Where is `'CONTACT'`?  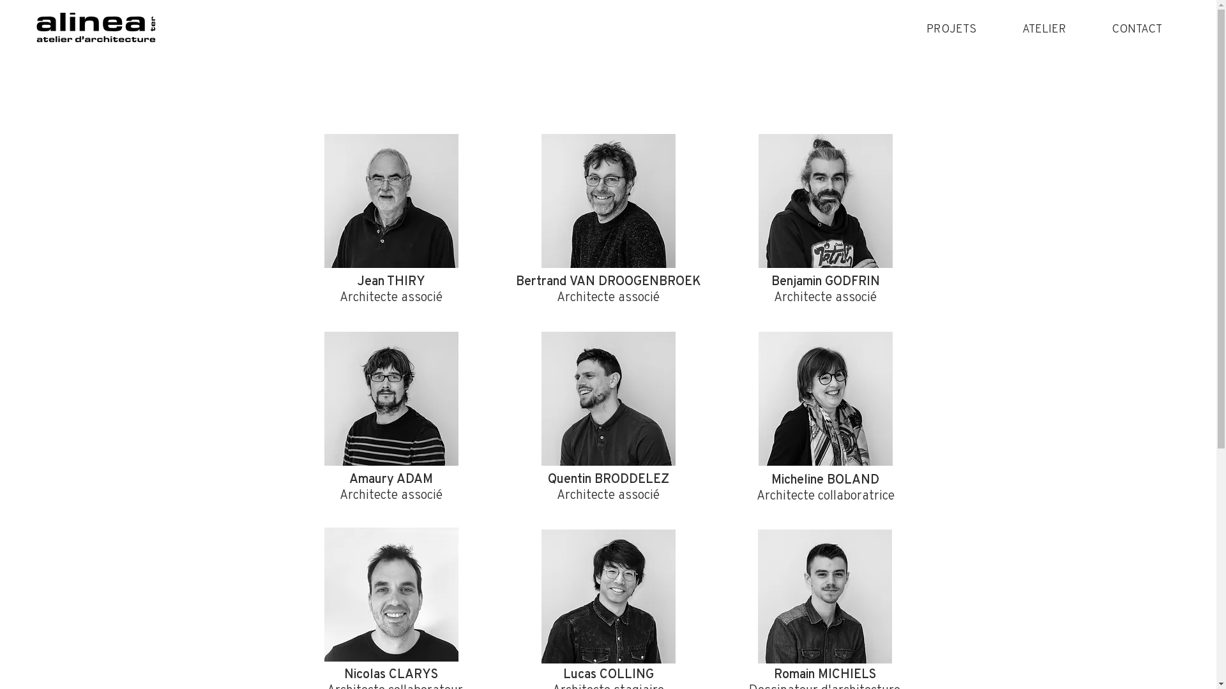 'CONTACT' is located at coordinates (1087, 28).